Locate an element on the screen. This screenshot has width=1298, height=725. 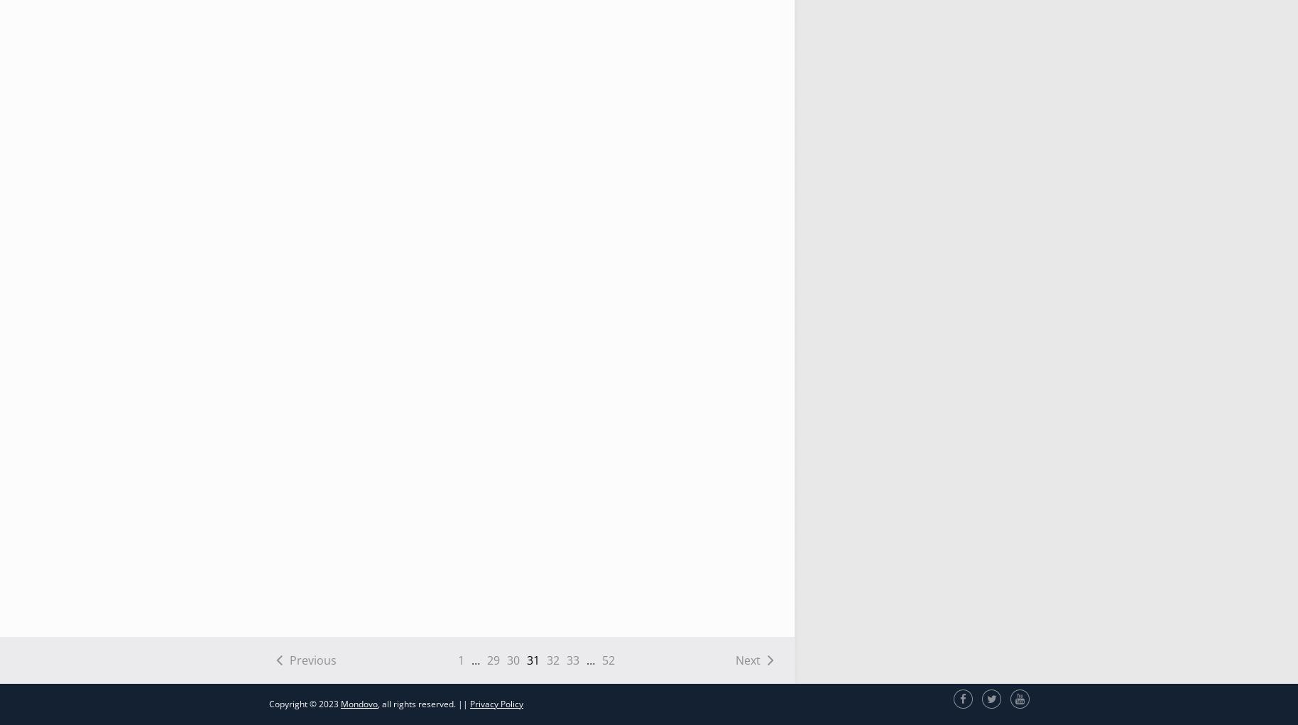
'52' is located at coordinates (608, 660).